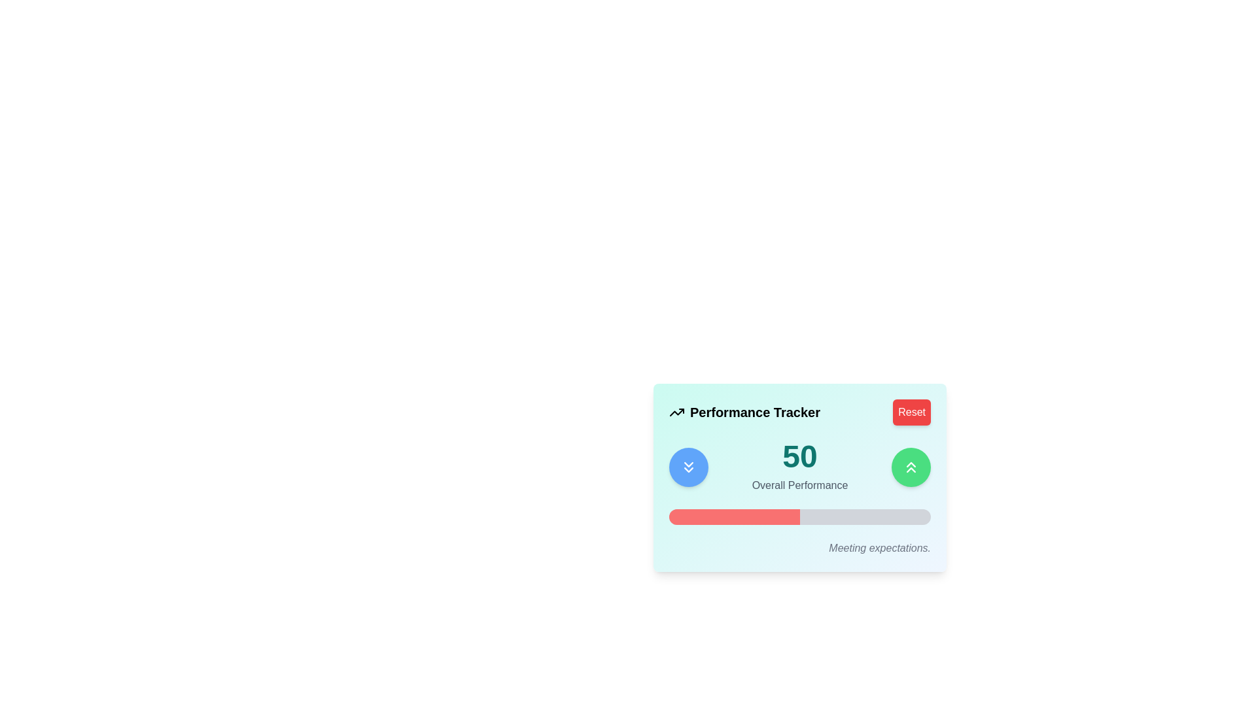  Describe the element at coordinates (760, 516) in the screenshot. I see `performance level` at that location.